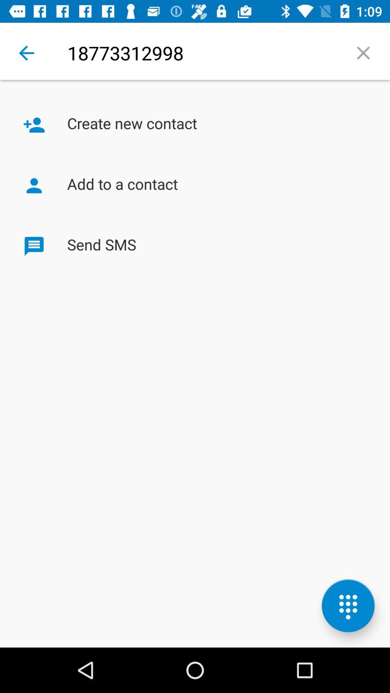 Image resolution: width=390 pixels, height=693 pixels. I want to click on the dialpad icon, so click(348, 606).